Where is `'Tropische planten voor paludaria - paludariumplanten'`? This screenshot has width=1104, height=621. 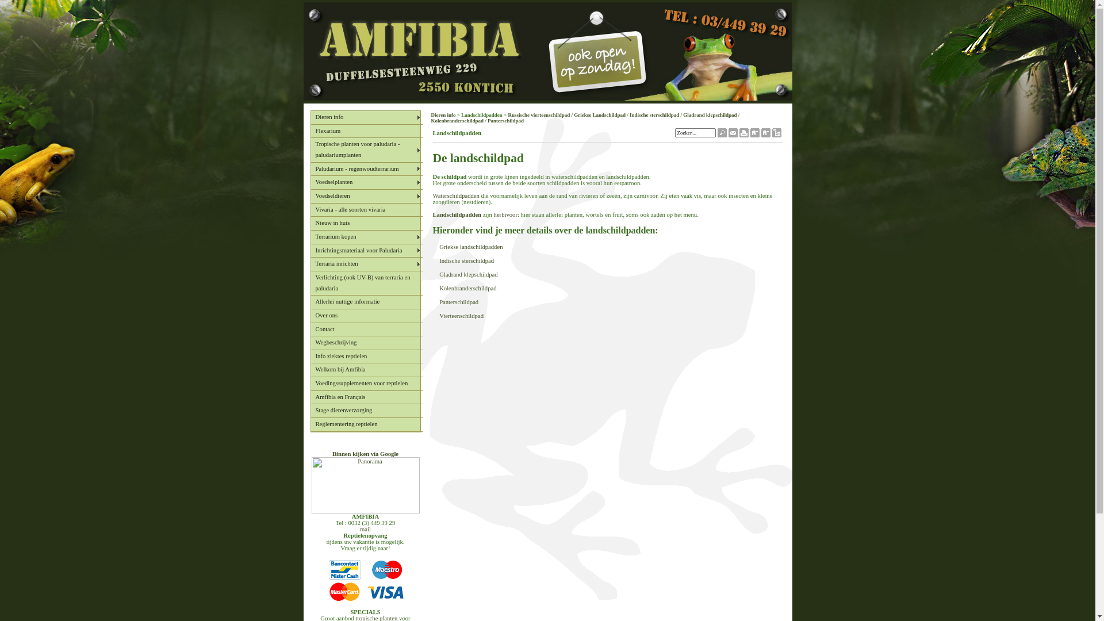
'Tropische planten voor paludaria - paludariumplanten' is located at coordinates (366, 149).